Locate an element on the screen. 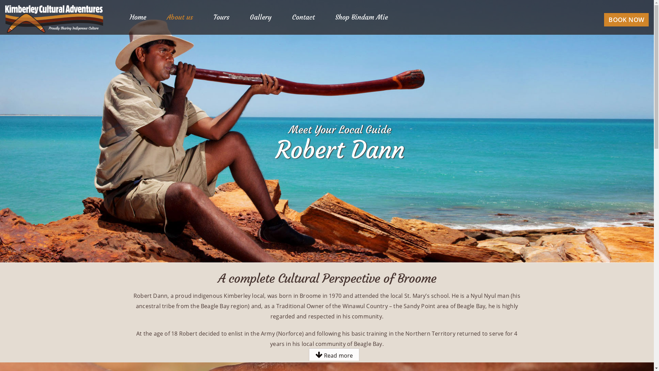 The height and width of the screenshot is (371, 659). 'Home' is located at coordinates (138, 17).